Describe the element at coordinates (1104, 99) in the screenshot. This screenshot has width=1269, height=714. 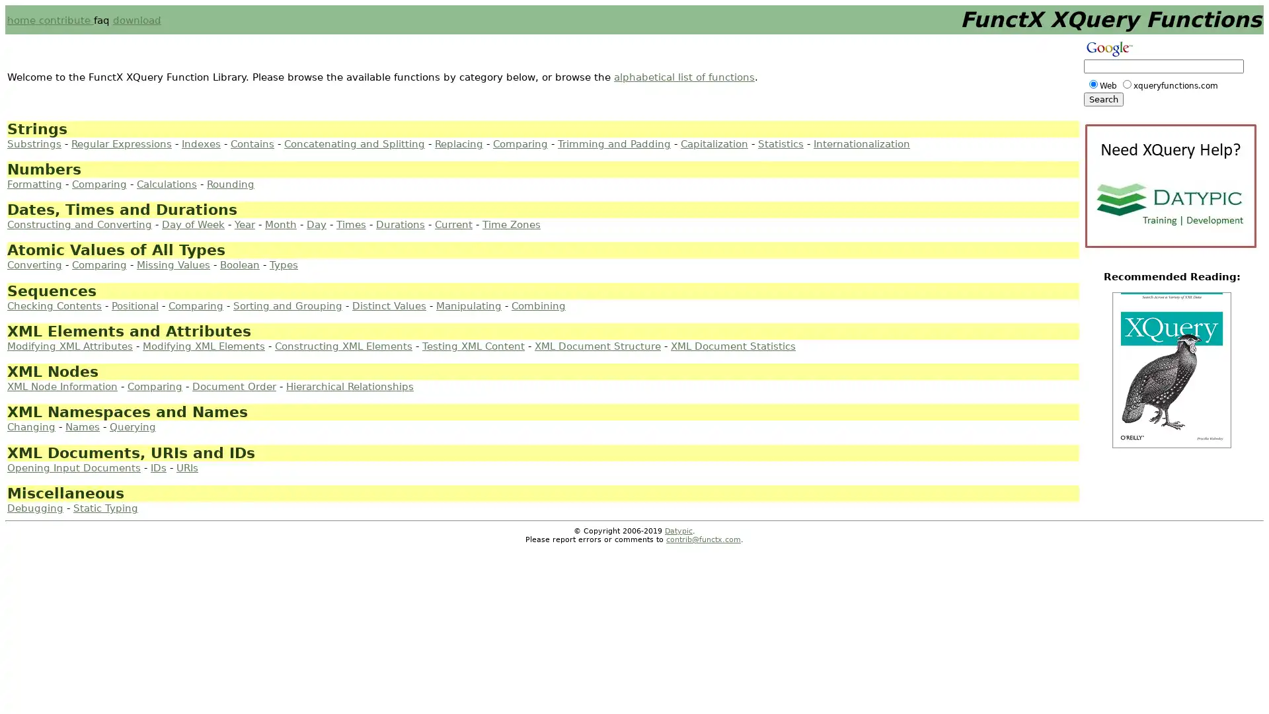
I see `Search` at that location.